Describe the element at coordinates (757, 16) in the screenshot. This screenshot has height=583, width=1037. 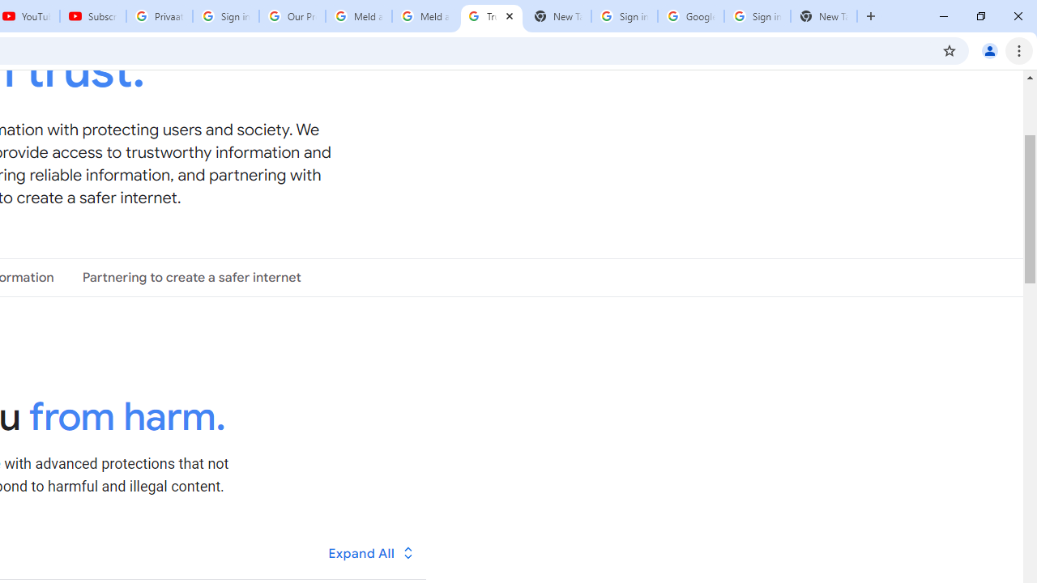
I see `'Sign in - Google Accounts'` at that location.